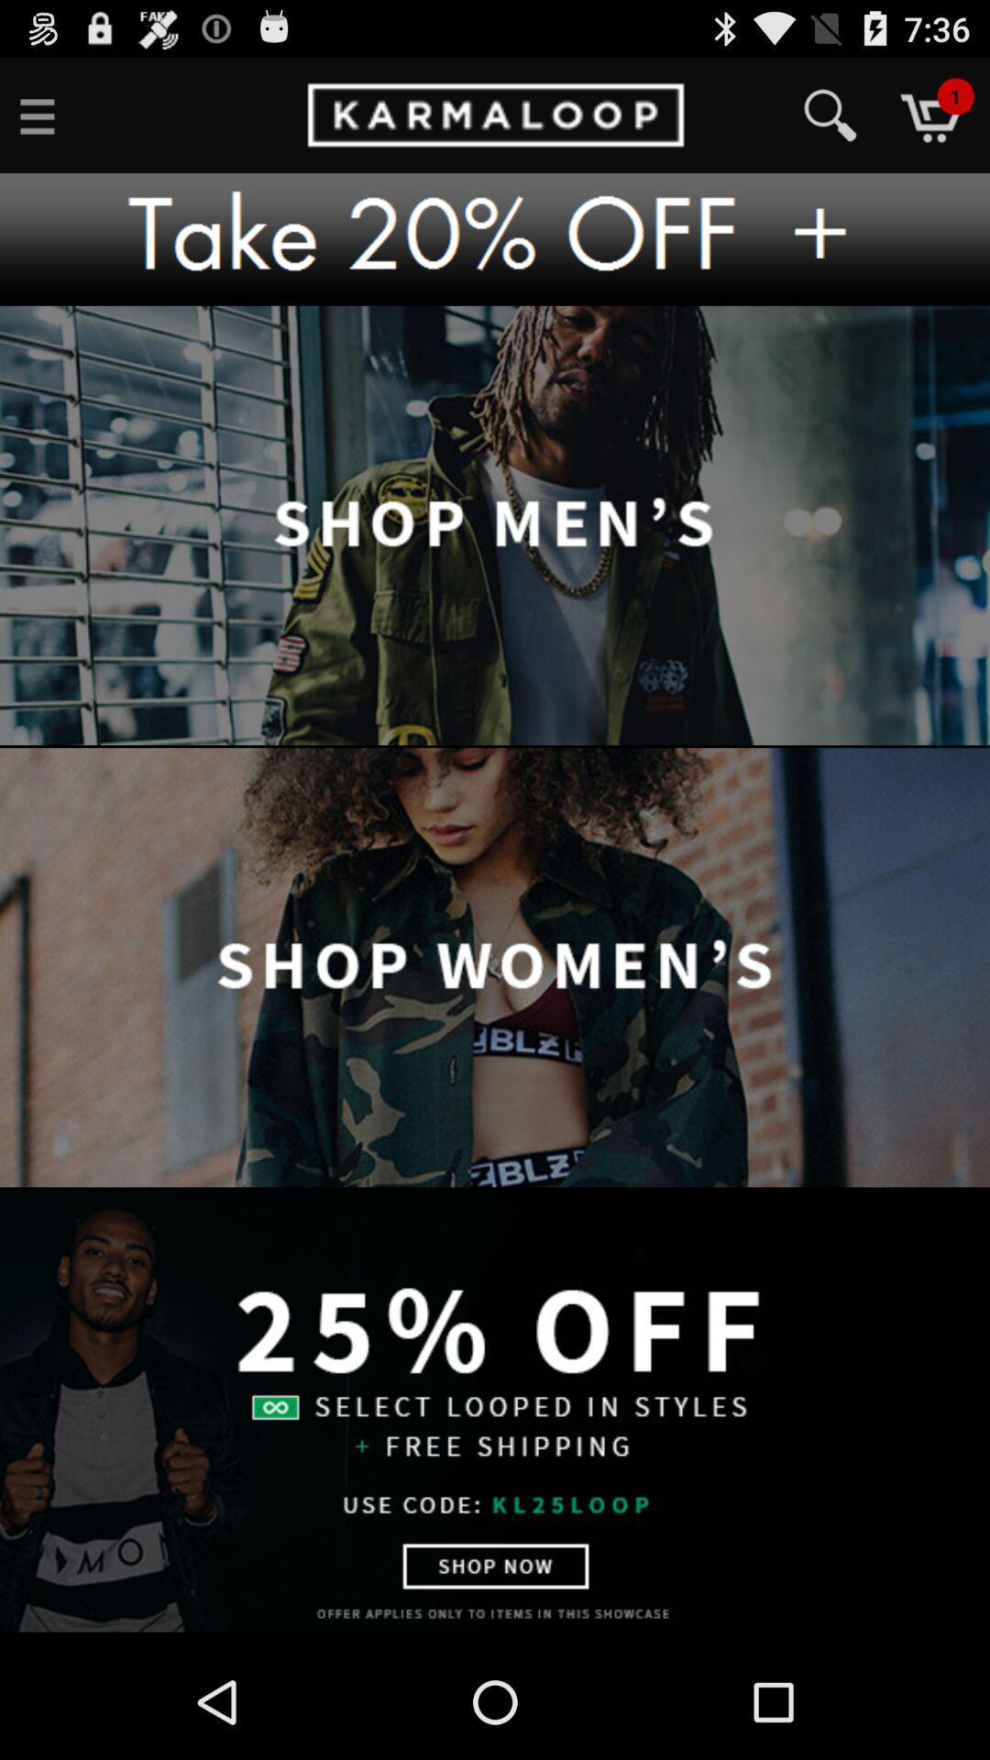 Image resolution: width=990 pixels, height=1760 pixels. Describe the element at coordinates (495, 968) in the screenshot. I see `women 's clothes` at that location.